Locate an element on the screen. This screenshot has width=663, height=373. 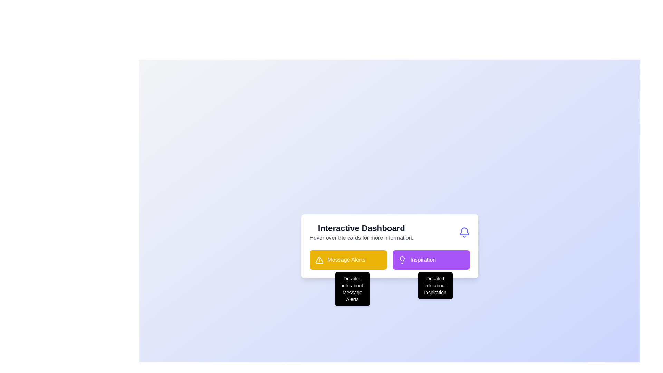
the bell icon styled in an outline form with an indigo stroke color, located at the top-right corner adjacent to the 'Interactive Dashboard' text block is located at coordinates (464, 232).